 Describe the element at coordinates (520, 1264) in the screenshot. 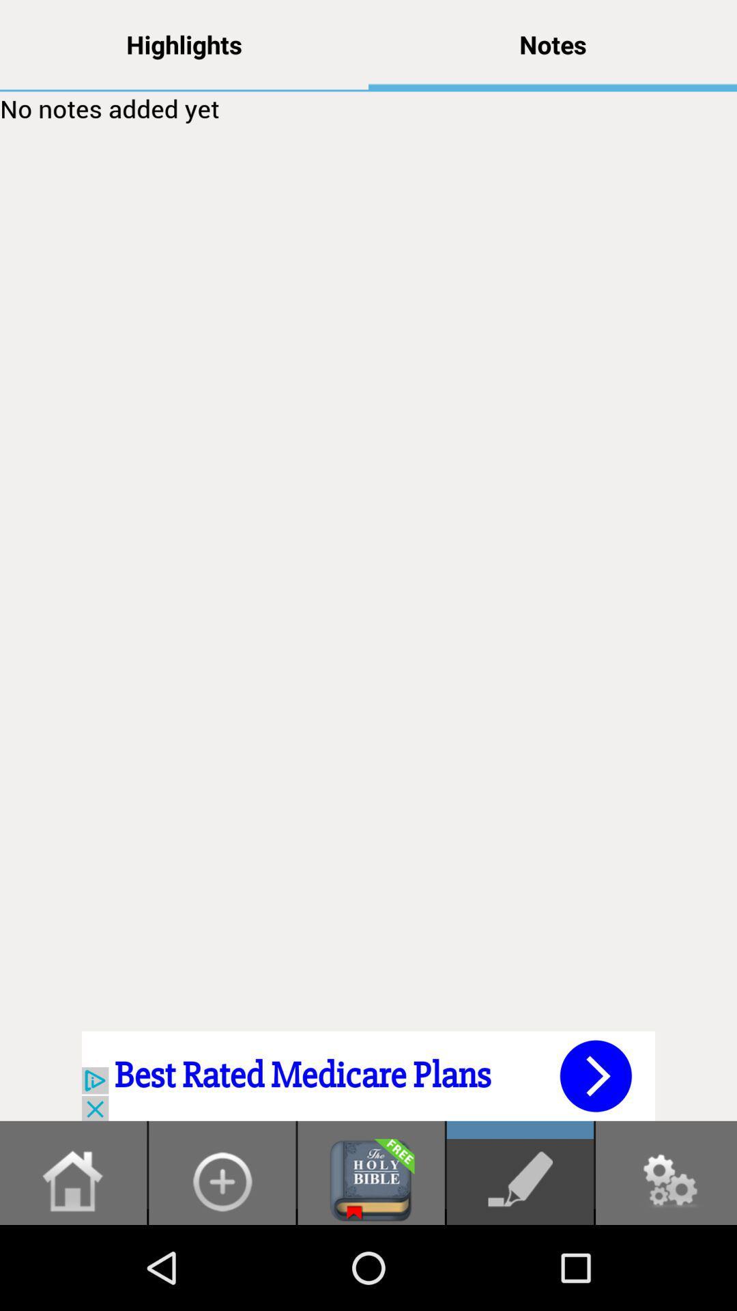

I see `the edit icon` at that location.